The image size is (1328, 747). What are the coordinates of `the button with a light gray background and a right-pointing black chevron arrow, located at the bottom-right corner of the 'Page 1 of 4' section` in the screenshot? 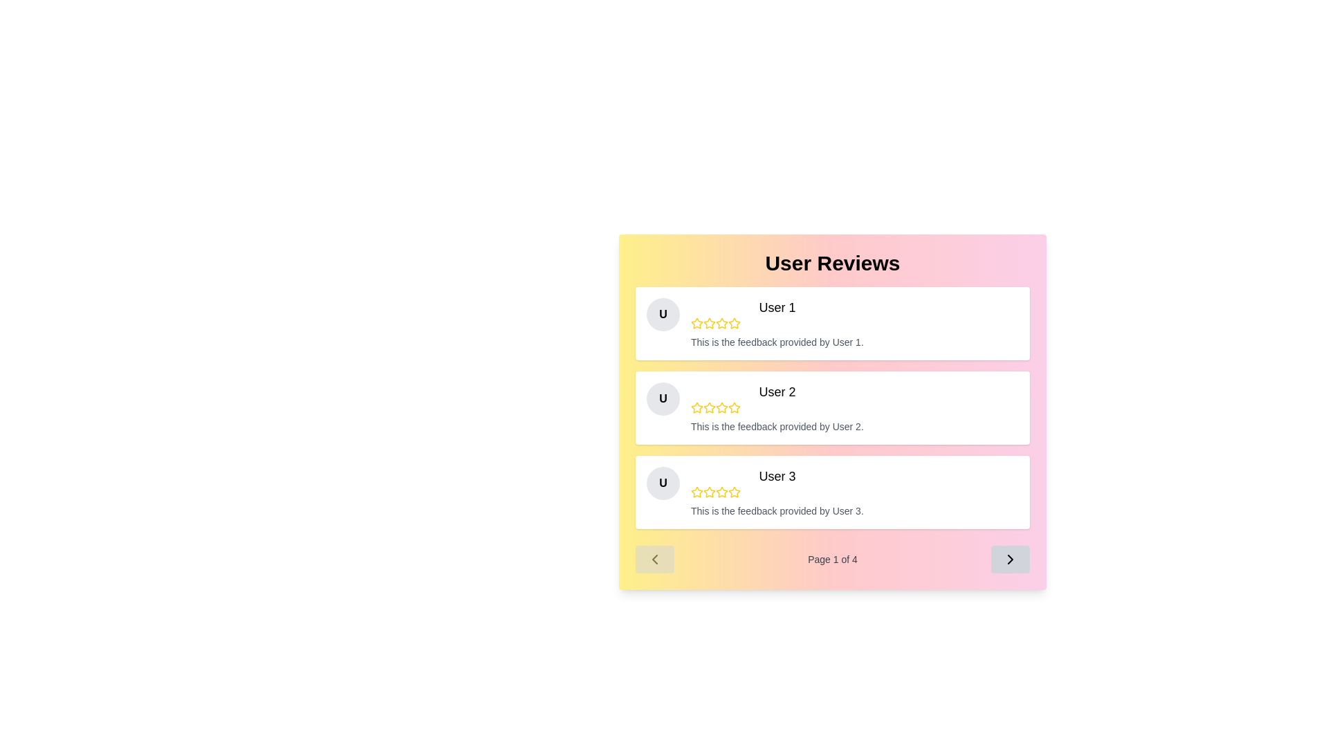 It's located at (1010, 559).